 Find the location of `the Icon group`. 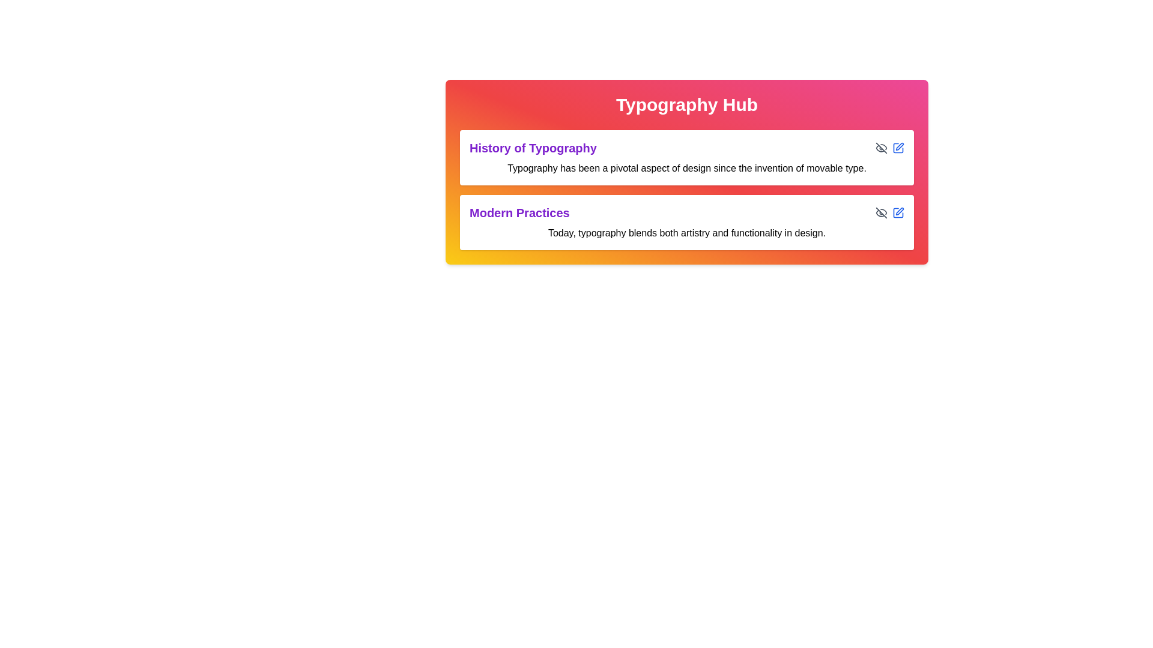

the Icon group is located at coordinates (890, 212).